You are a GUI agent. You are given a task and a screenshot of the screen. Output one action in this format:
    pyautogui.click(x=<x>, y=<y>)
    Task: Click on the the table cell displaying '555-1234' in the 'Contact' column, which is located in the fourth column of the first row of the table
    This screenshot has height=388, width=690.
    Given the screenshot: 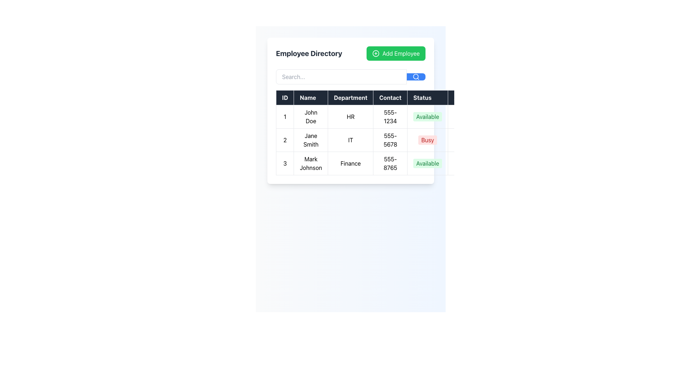 What is the action you would take?
    pyautogui.click(x=390, y=116)
    